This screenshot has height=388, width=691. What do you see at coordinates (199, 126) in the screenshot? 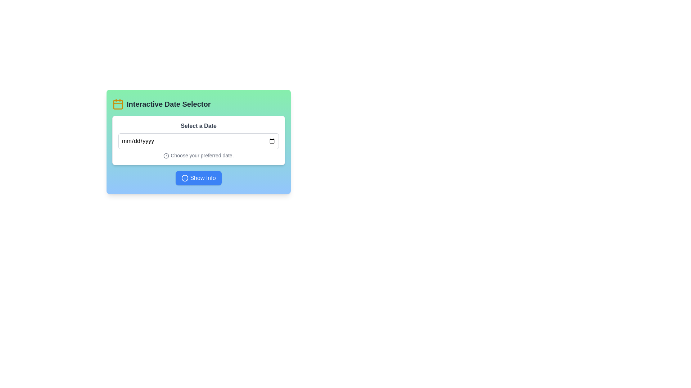
I see `the label element that provides instructions for the date input field located directly above it` at bounding box center [199, 126].